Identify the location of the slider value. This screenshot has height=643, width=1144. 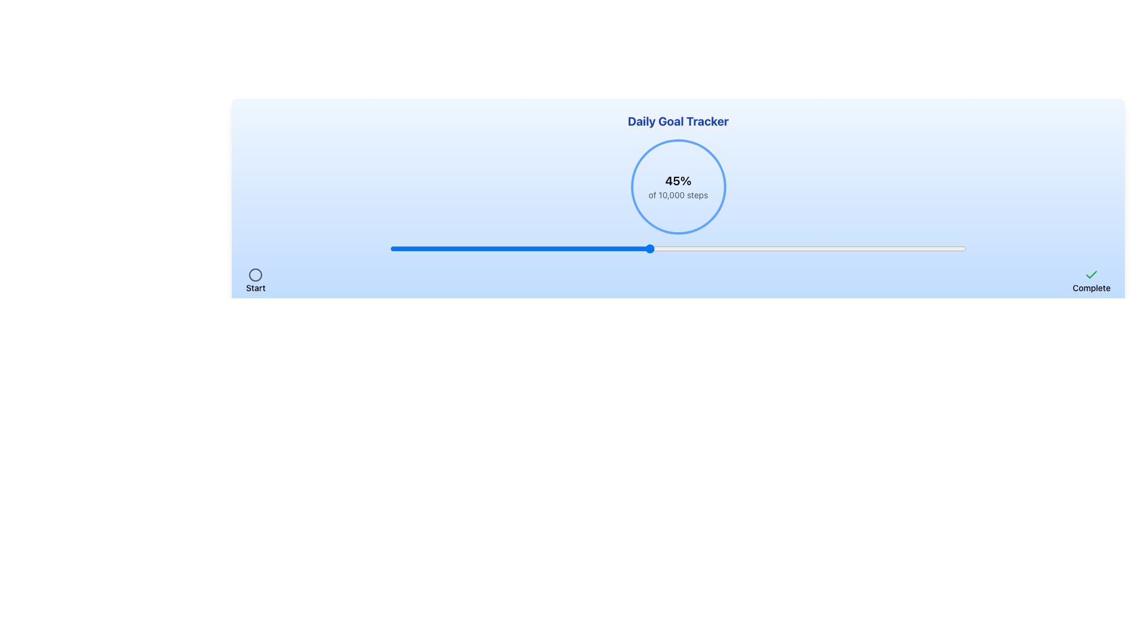
(799, 248).